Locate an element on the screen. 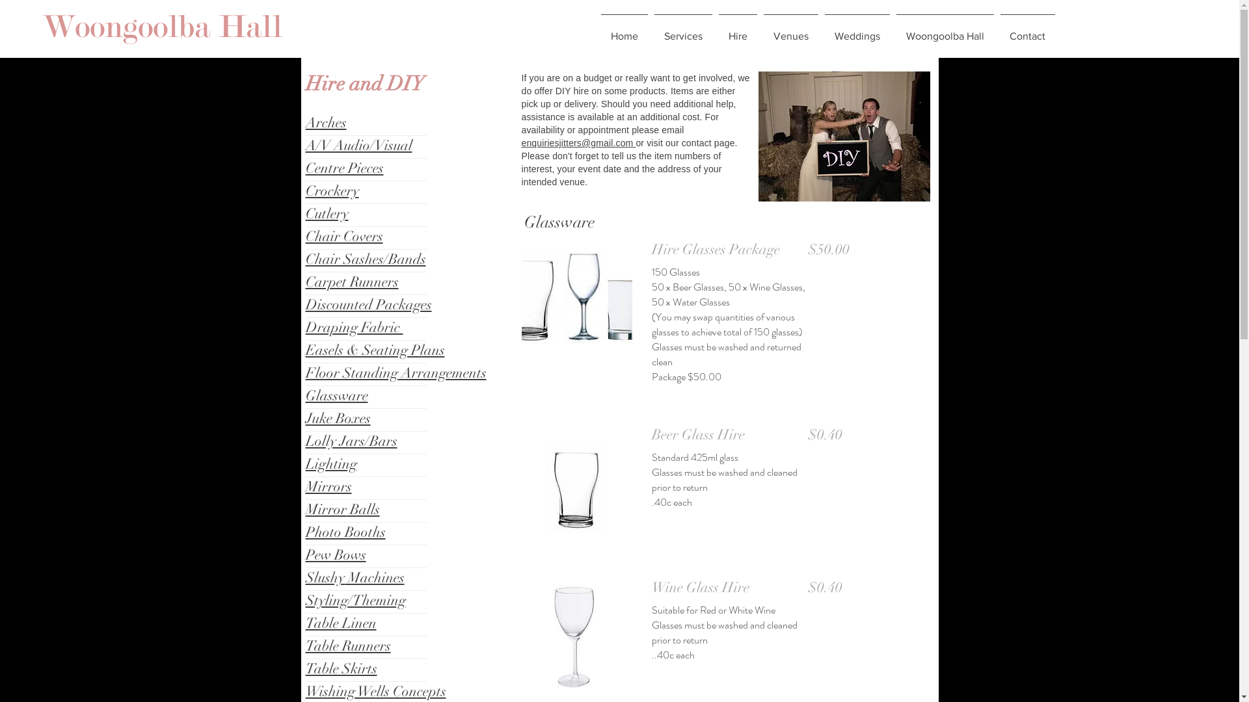 Image resolution: width=1249 pixels, height=702 pixels. 'Contact' is located at coordinates (1027, 29).